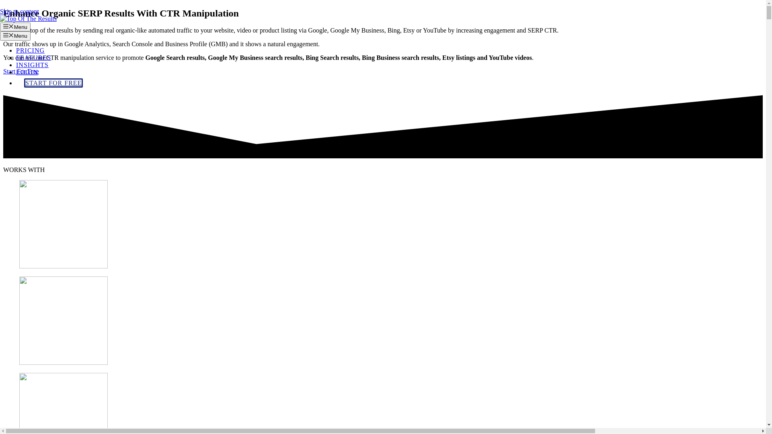 The image size is (772, 434). Describe the element at coordinates (15, 26) in the screenshot. I see `'Menu'` at that location.